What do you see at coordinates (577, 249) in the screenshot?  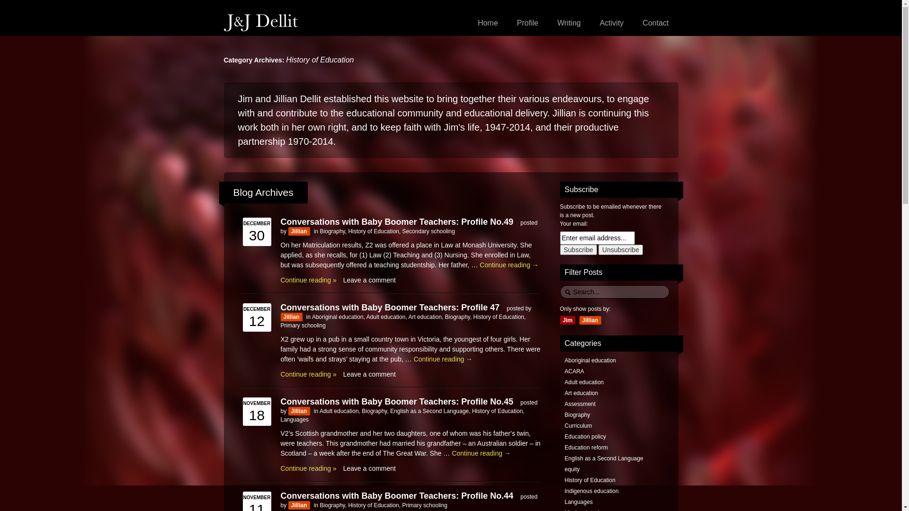 I see `'Subscribe'` at bounding box center [577, 249].